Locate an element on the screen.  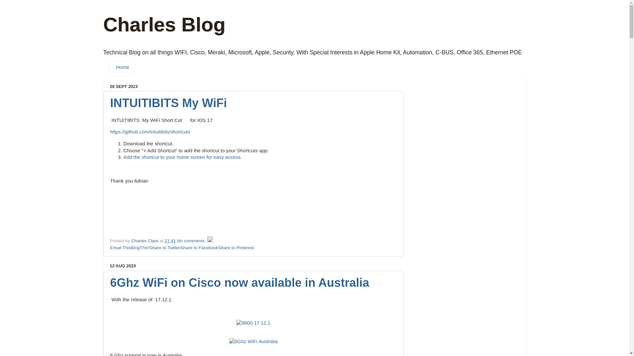
'BlogThis!' is located at coordinates (139, 248).